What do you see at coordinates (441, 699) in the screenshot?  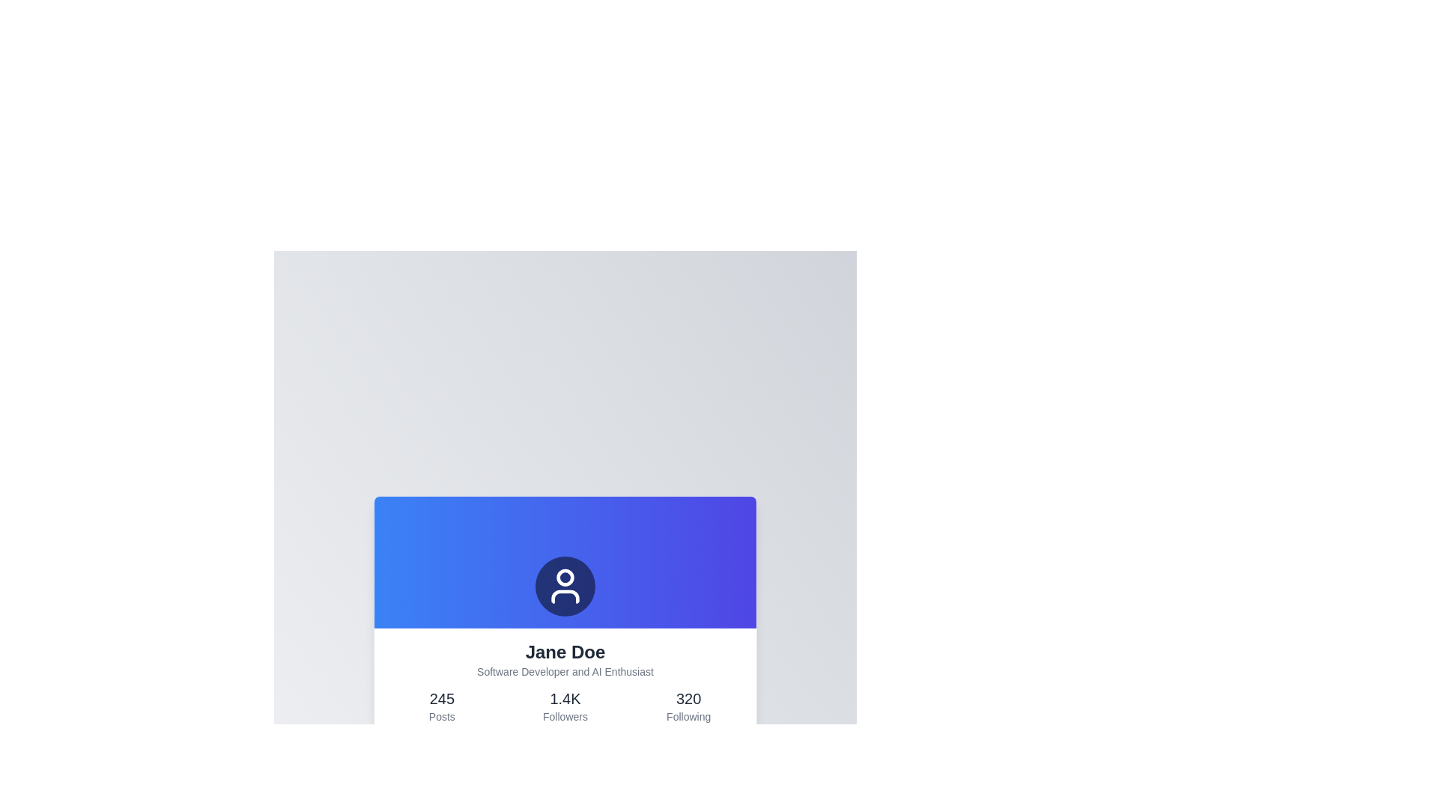 I see `the numeric text component displaying the number '245' in dark gray within the user statistics section, which pairs with the label 'Posts'` at bounding box center [441, 699].